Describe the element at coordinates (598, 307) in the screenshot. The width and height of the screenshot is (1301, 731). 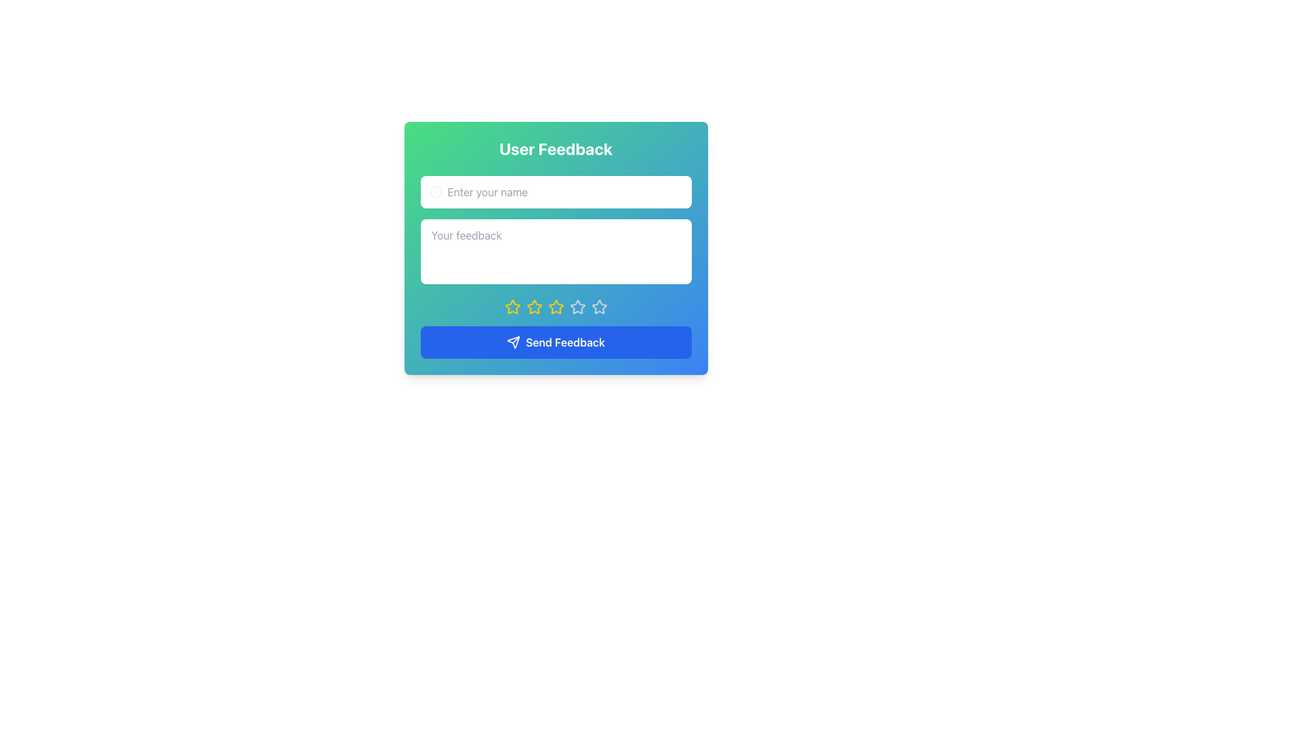
I see `the fifth star SVG icon in the feedback interface` at that location.